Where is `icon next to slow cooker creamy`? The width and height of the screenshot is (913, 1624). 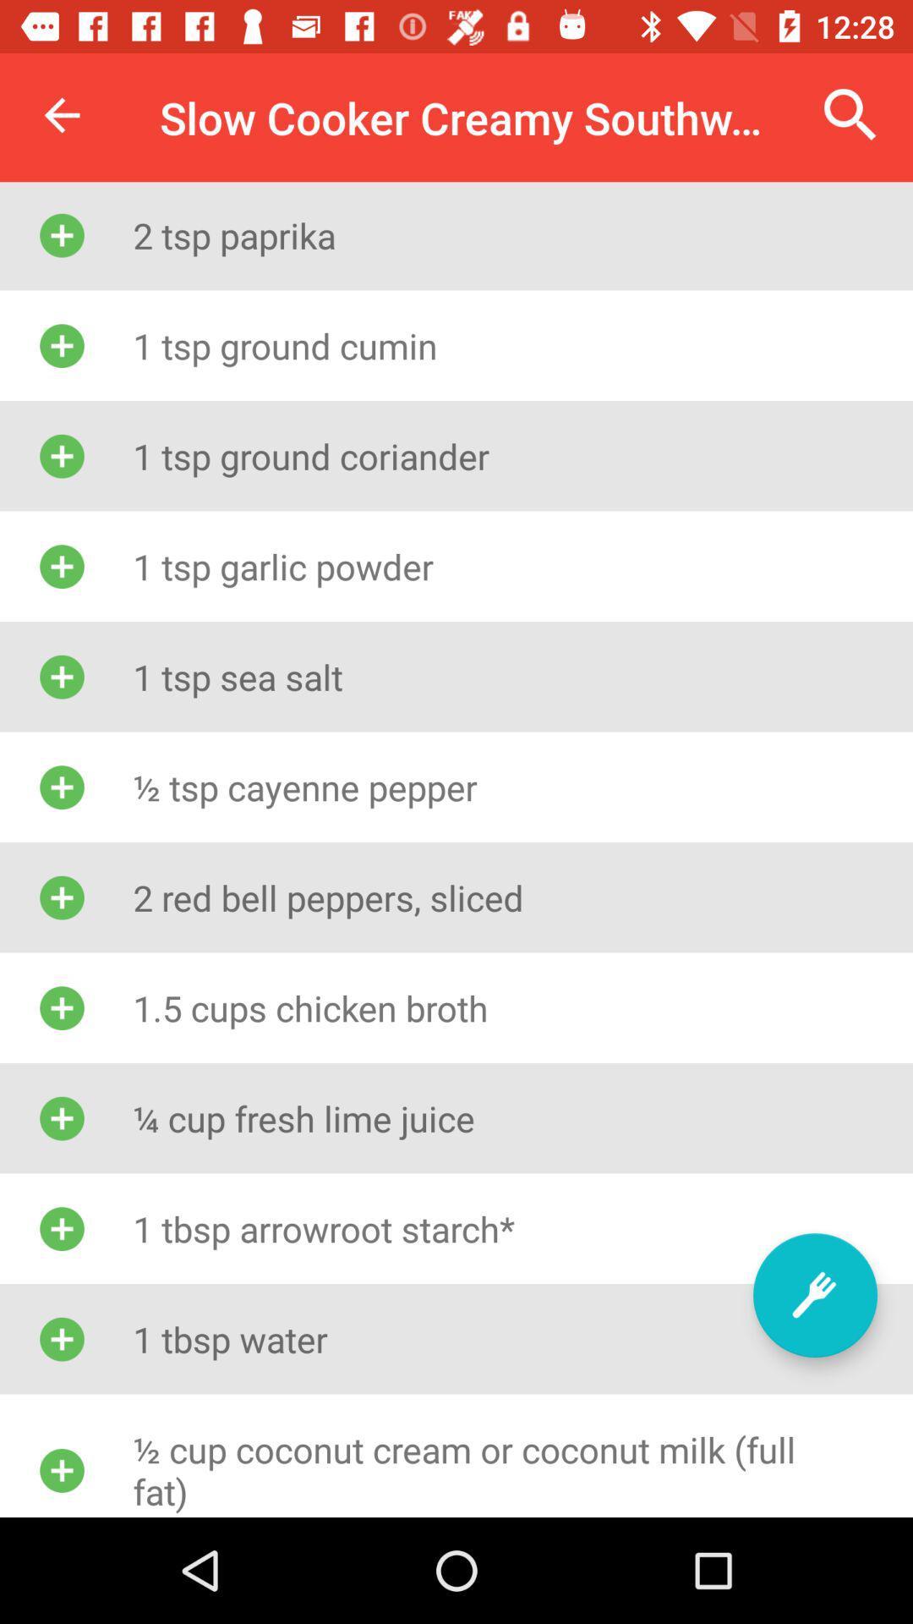 icon next to slow cooker creamy is located at coordinates (61, 114).